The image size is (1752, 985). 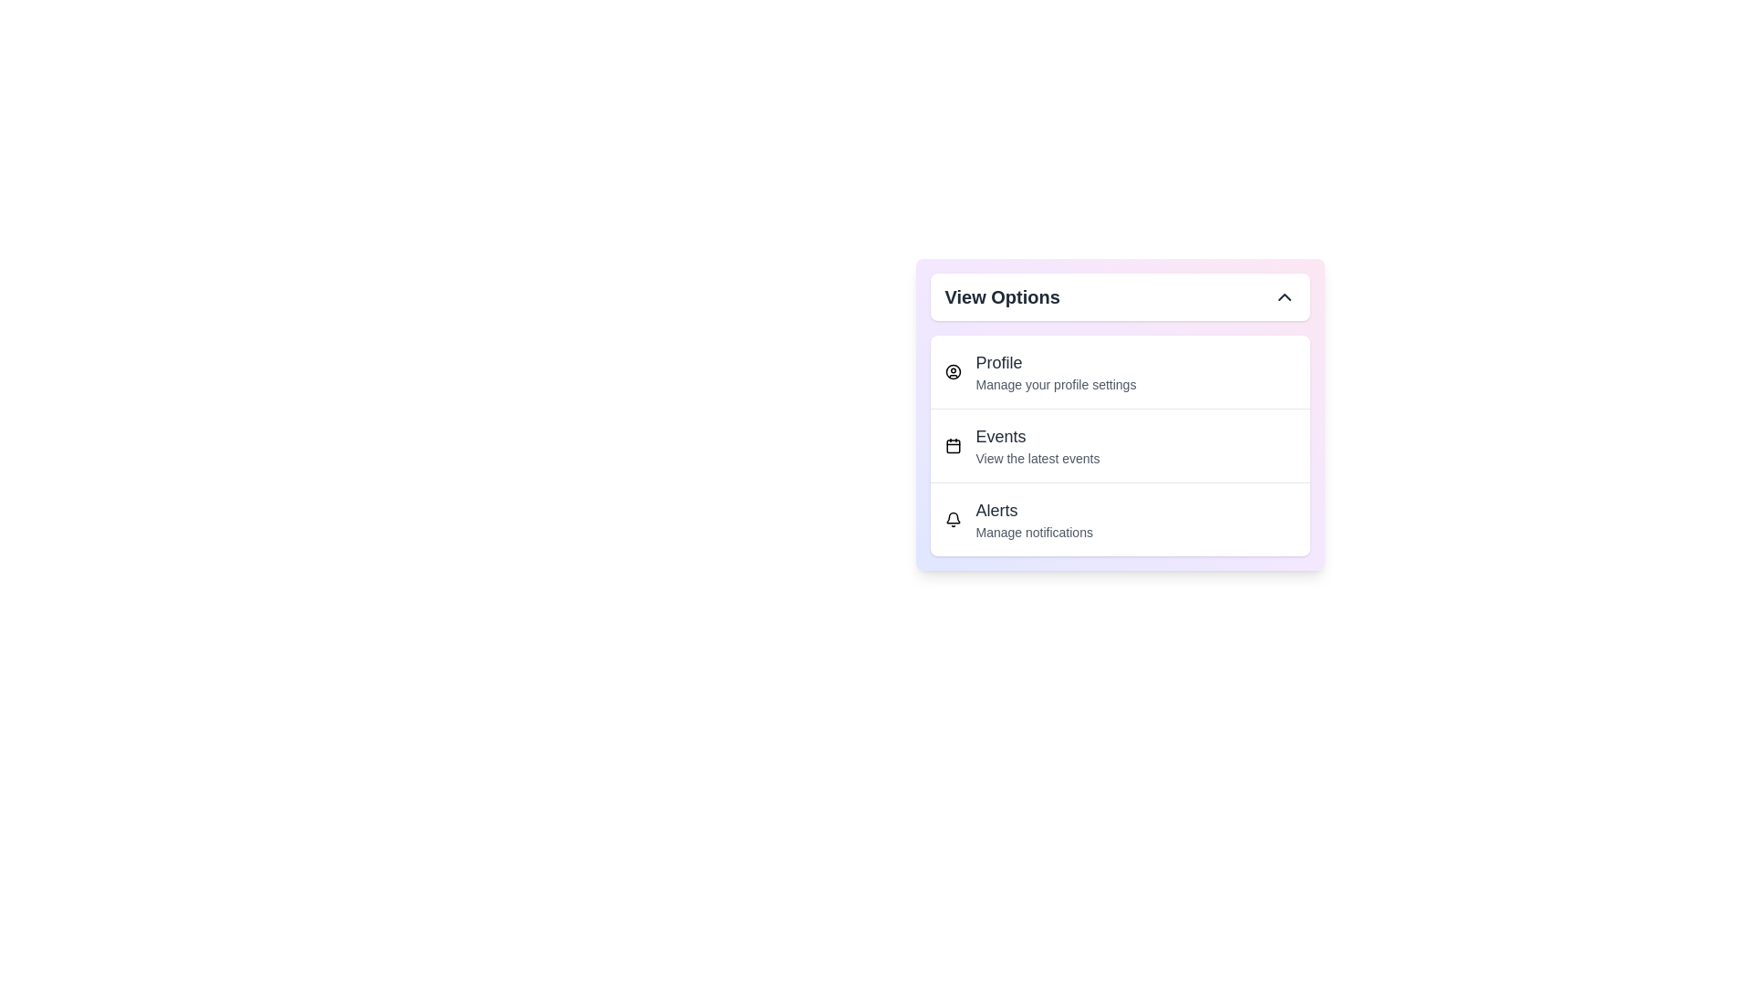 I want to click on the icon of the menu item corresponding to Events, so click(x=952, y=446).